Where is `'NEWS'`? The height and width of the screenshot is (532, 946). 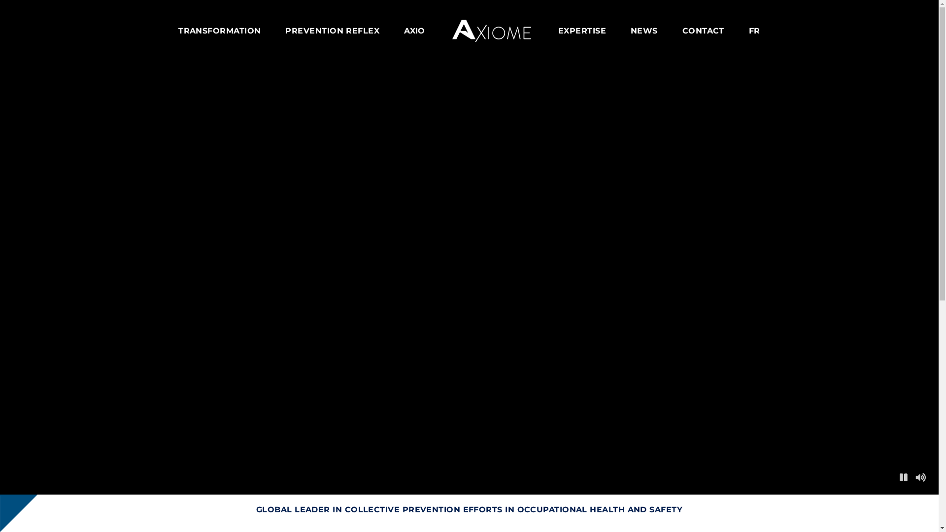 'NEWS' is located at coordinates (631, 31).